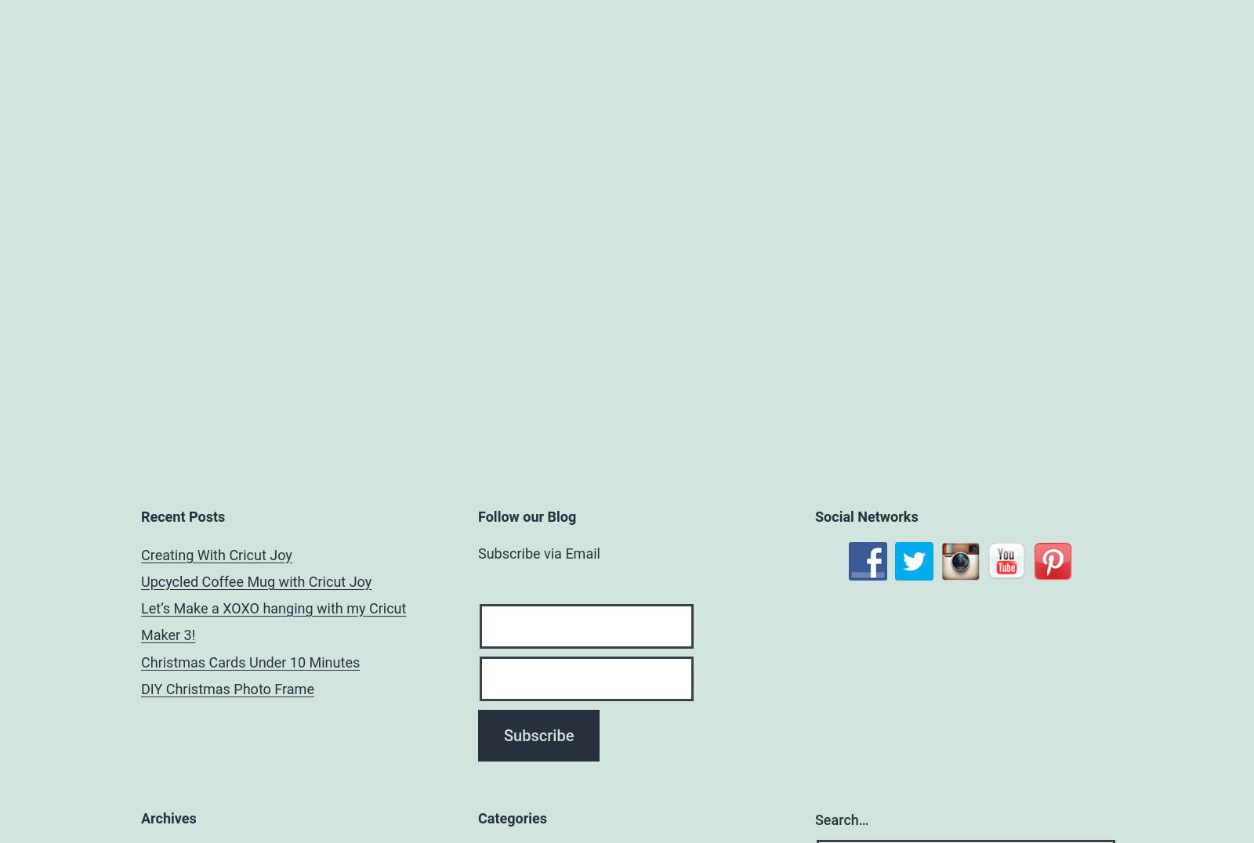  Describe the element at coordinates (866, 515) in the screenshot. I see `'Social Networks'` at that location.